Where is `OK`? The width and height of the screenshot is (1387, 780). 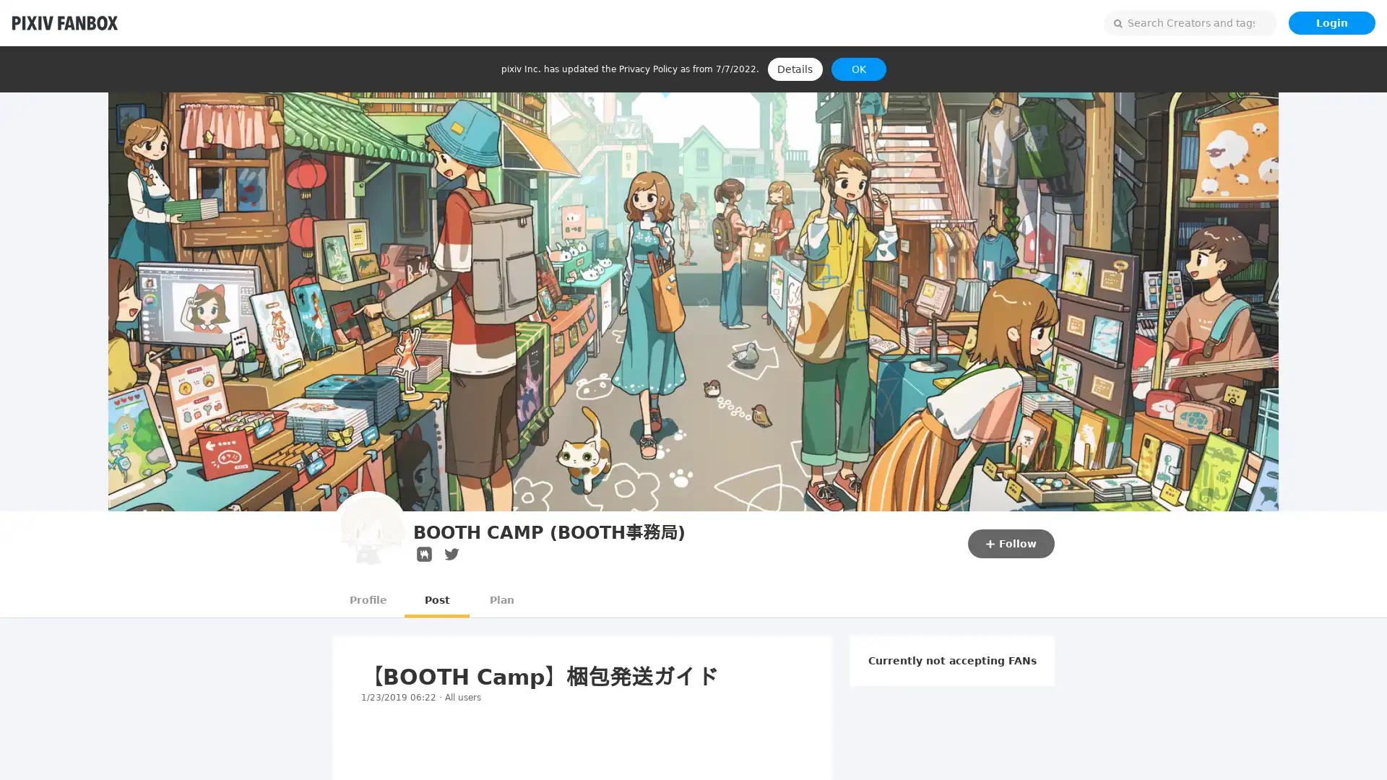 OK is located at coordinates (858, 69).